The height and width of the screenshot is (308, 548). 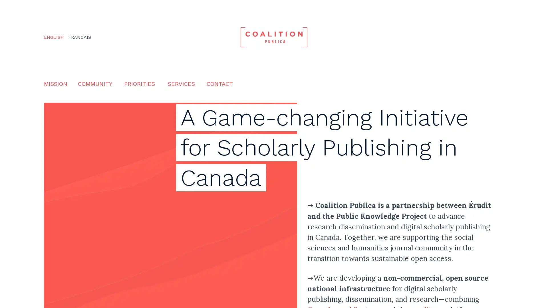 What do you see at coordinates (139, 84) in the screenshot?
I see `PRIORITIES` at bounding box center [139, 84].